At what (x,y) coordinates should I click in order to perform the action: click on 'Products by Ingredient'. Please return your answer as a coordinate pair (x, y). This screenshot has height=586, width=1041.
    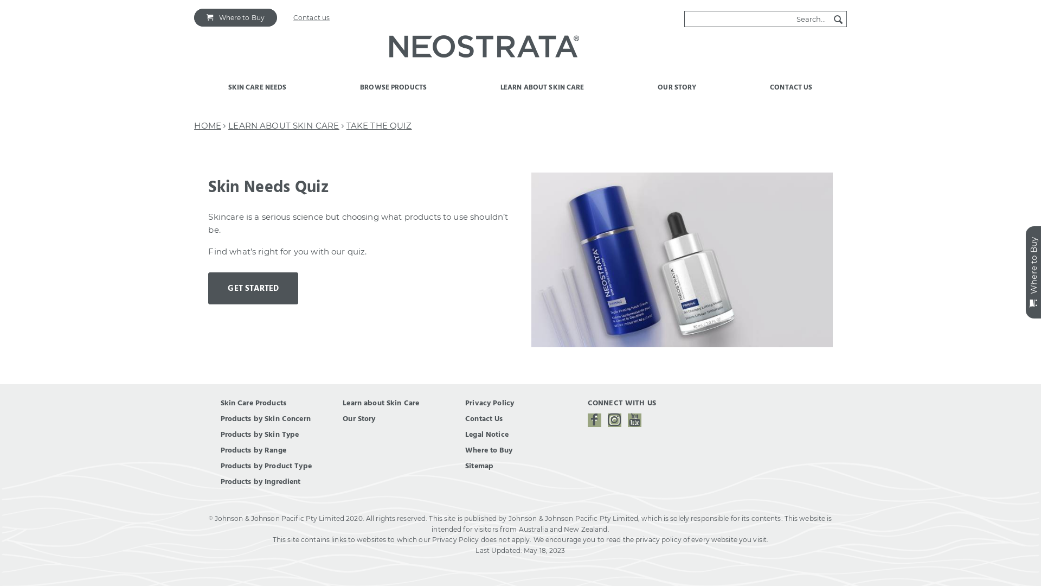
    Looking at the image, I should click on (260, 481).